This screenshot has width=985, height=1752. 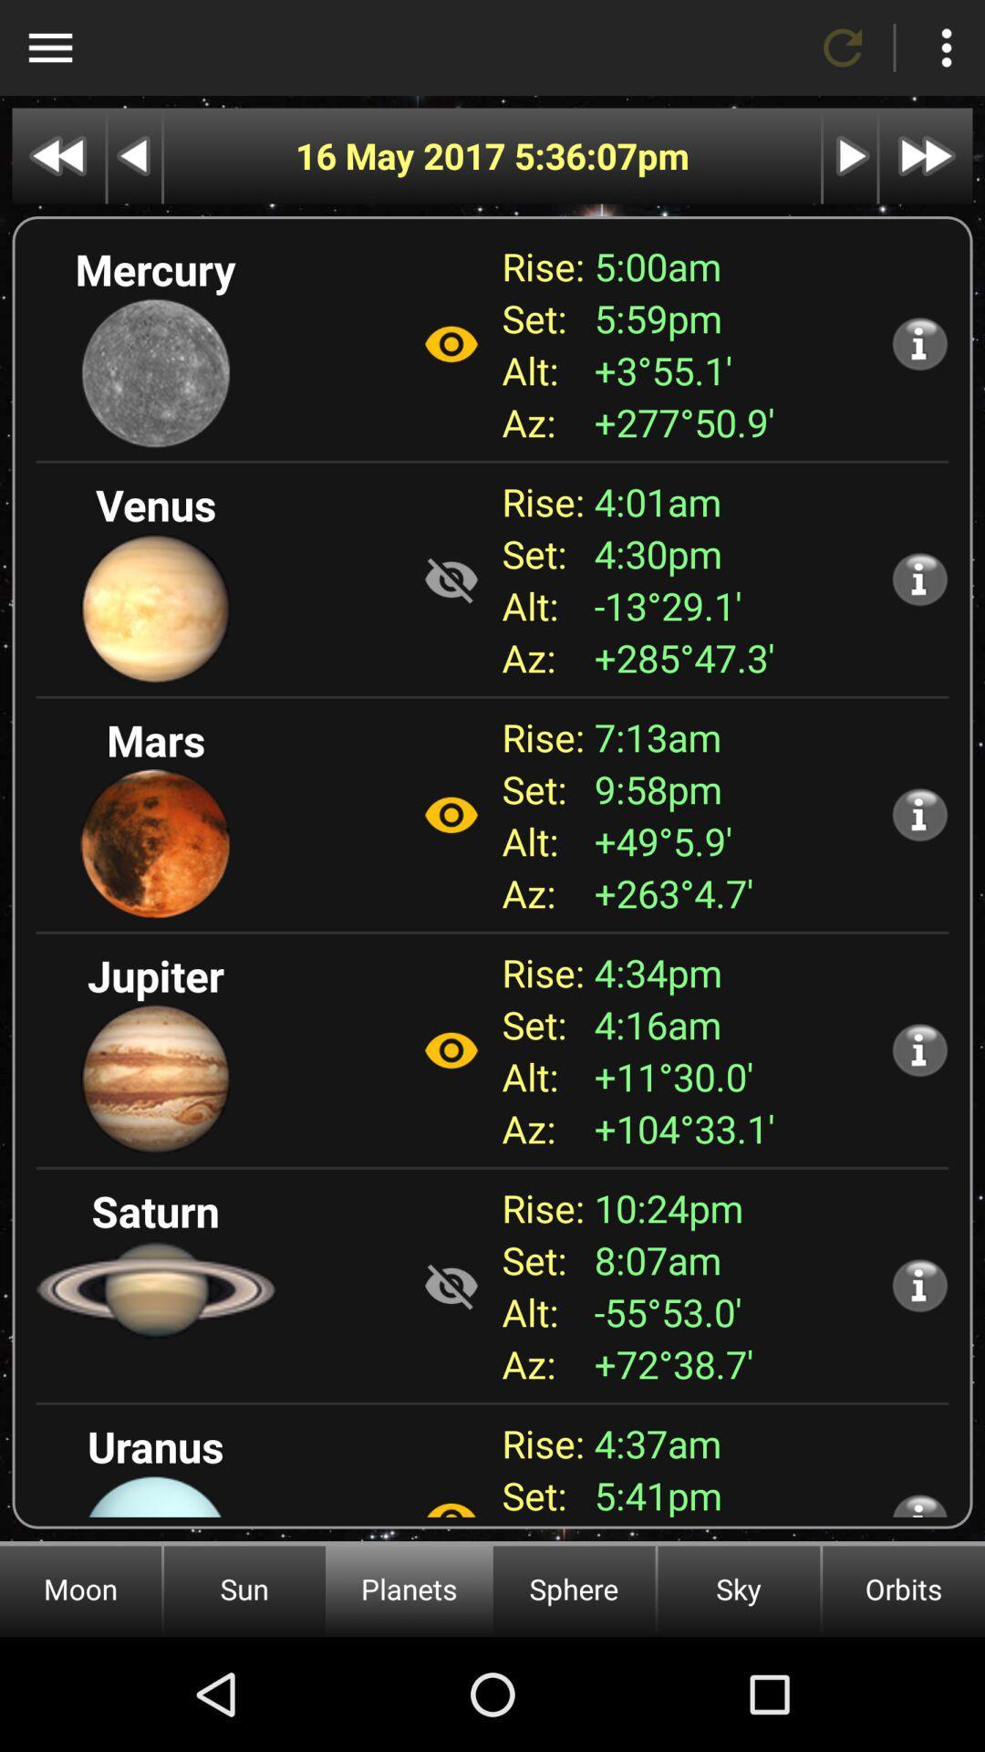 What do you see at coordinates (57, 156) in the screenshot?
I see `page 1` at bounding box center [57, 156].